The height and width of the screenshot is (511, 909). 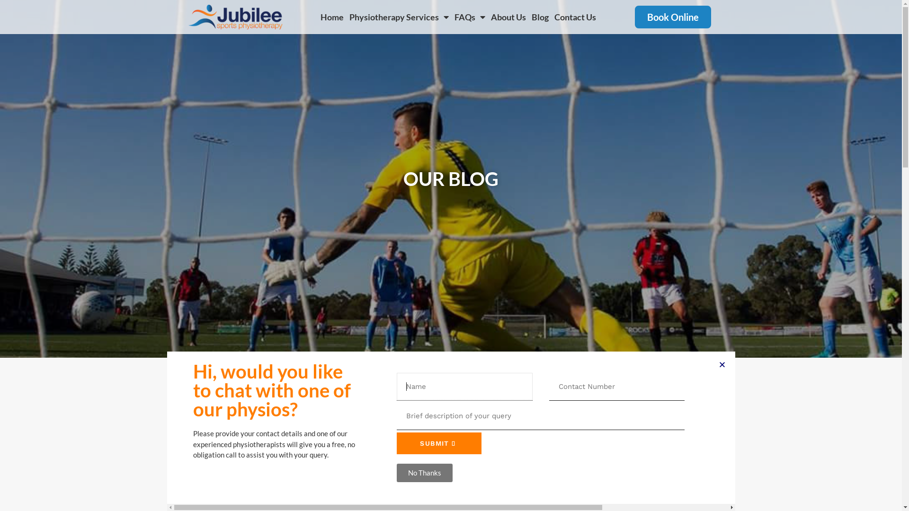 I want to click on 'Blog', so click(x=540, y=17).